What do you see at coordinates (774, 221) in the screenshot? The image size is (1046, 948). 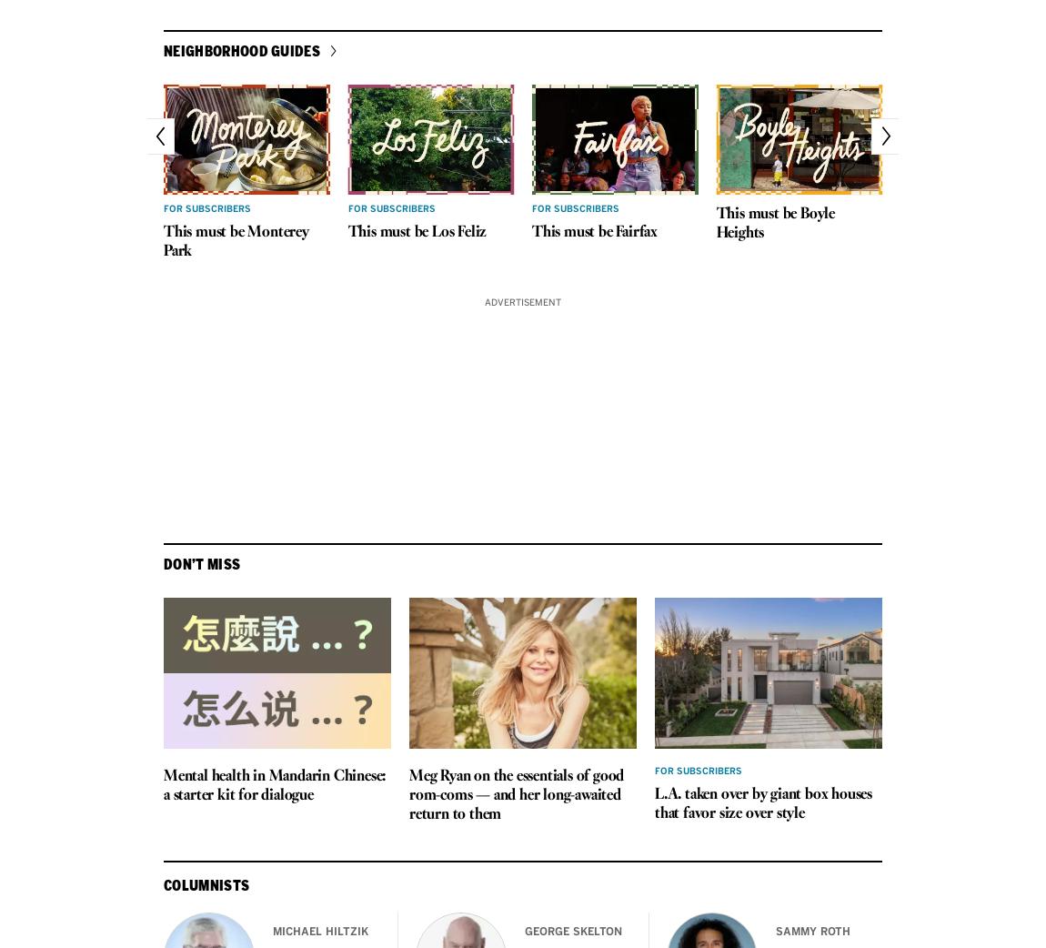 I see `'This must be Boyle Heights'` at bounding box center [774, 221].